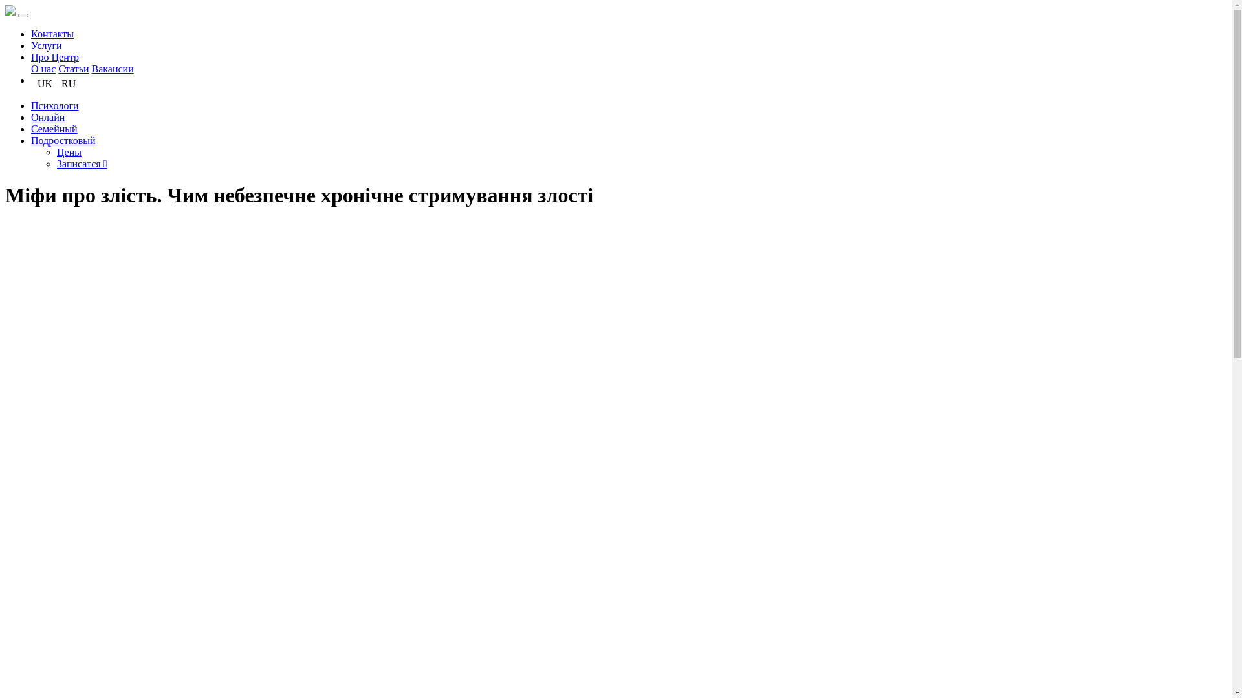 The image size is (1242, 698). Describe the element at coordinates (67, 83) in the screenshot. I see `'RU'` at that location.